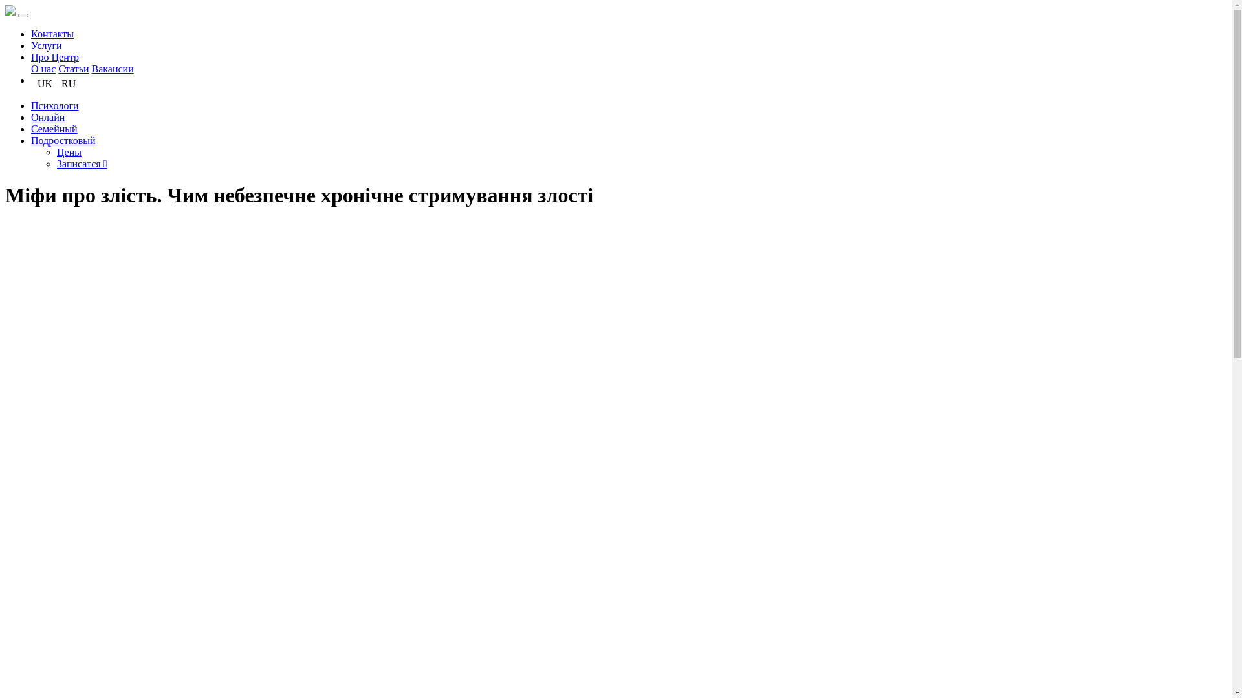 The image size is (1242, 698). Describe the element at coordinates (67, 83) in the screenshot. I see `'RU'` at that location.